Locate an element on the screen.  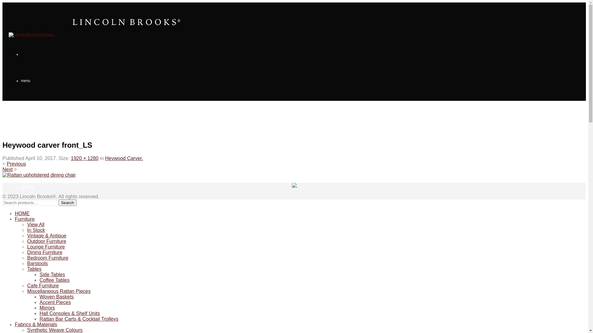
'Vintage & Antique' is located at coordinates (35, 213).